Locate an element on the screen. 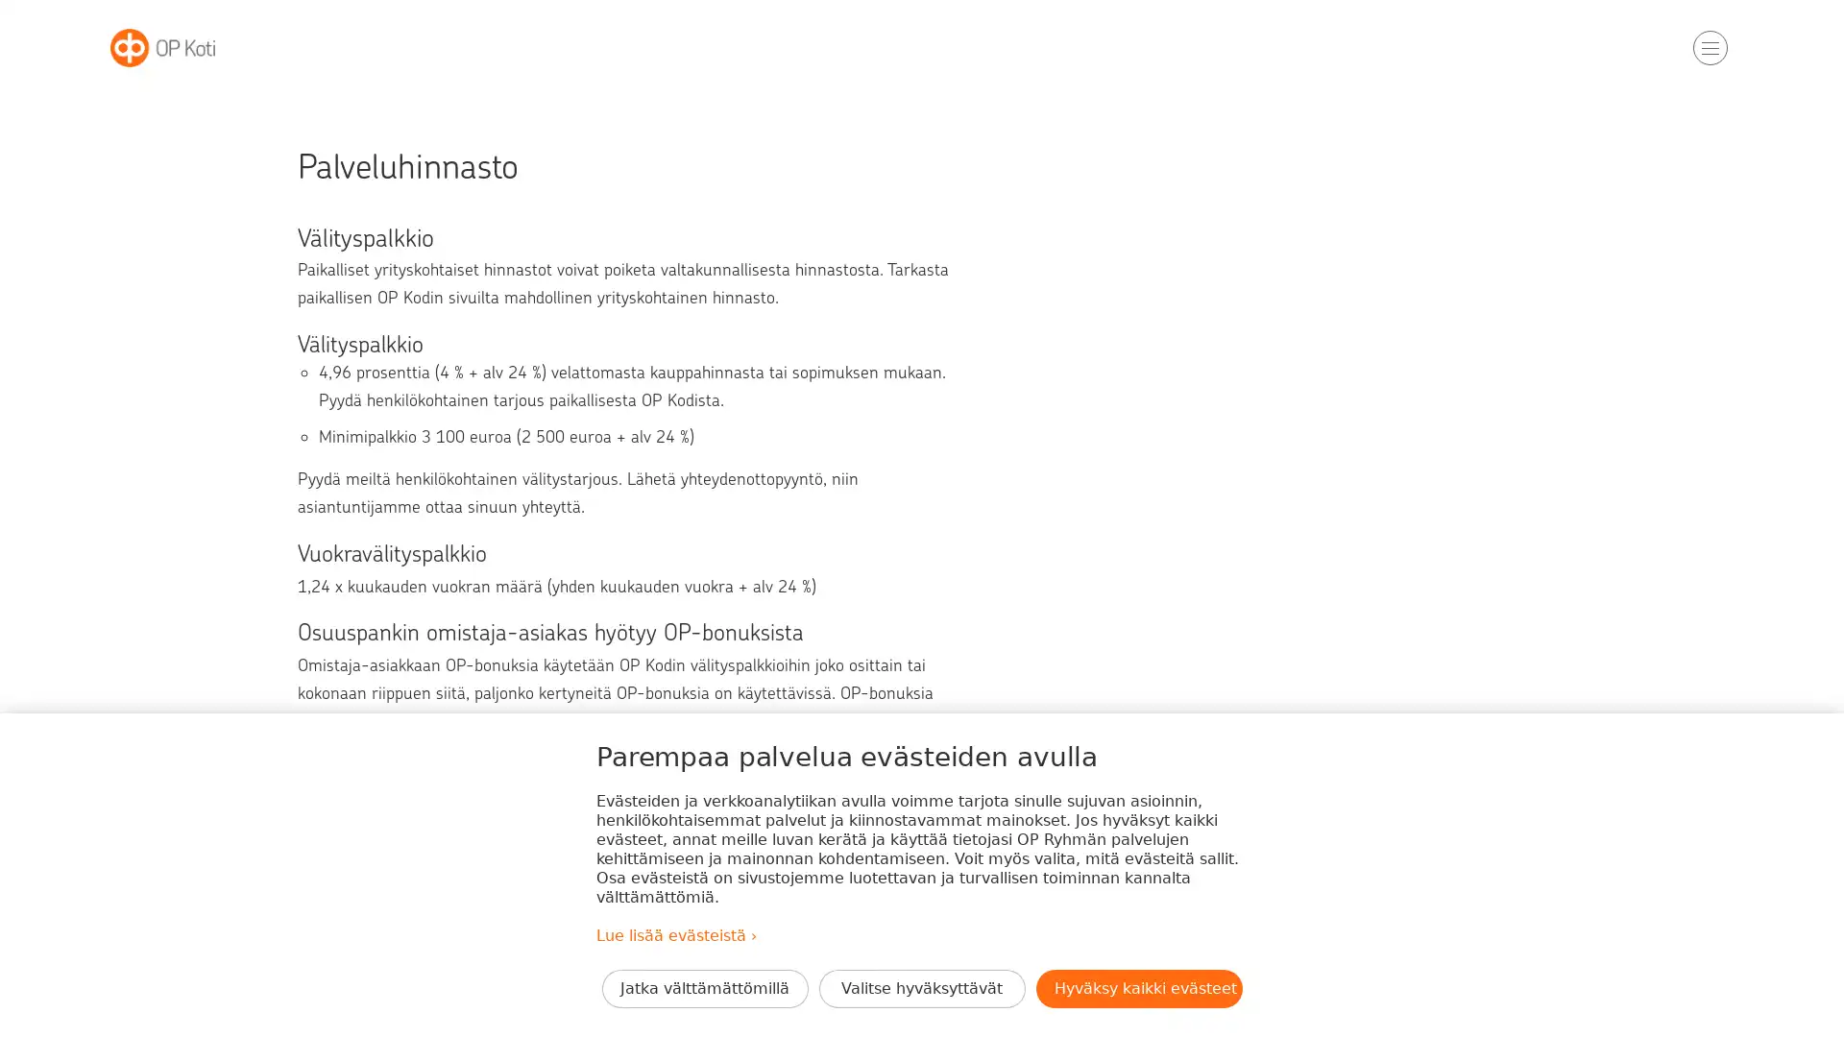  Hyvaksy kaikki evasteet is located at coordinates (1138, 988).